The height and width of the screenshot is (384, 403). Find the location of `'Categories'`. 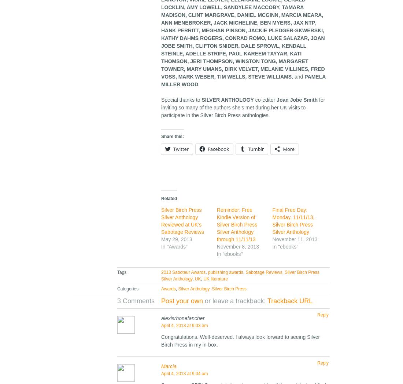

'Categories' is located at coordinates (117, 289).